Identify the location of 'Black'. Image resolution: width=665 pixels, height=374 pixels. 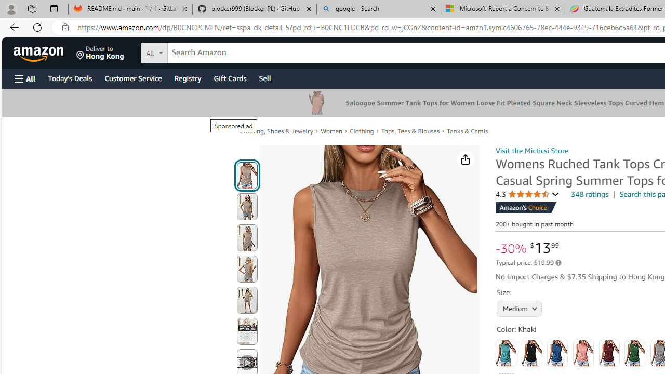
(531, 353).